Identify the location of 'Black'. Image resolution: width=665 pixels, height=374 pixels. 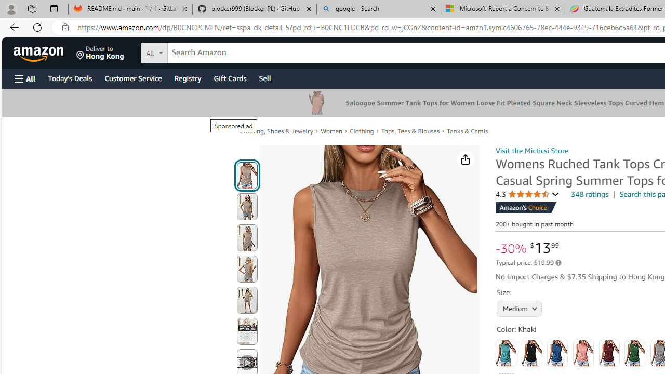
(531, 353).